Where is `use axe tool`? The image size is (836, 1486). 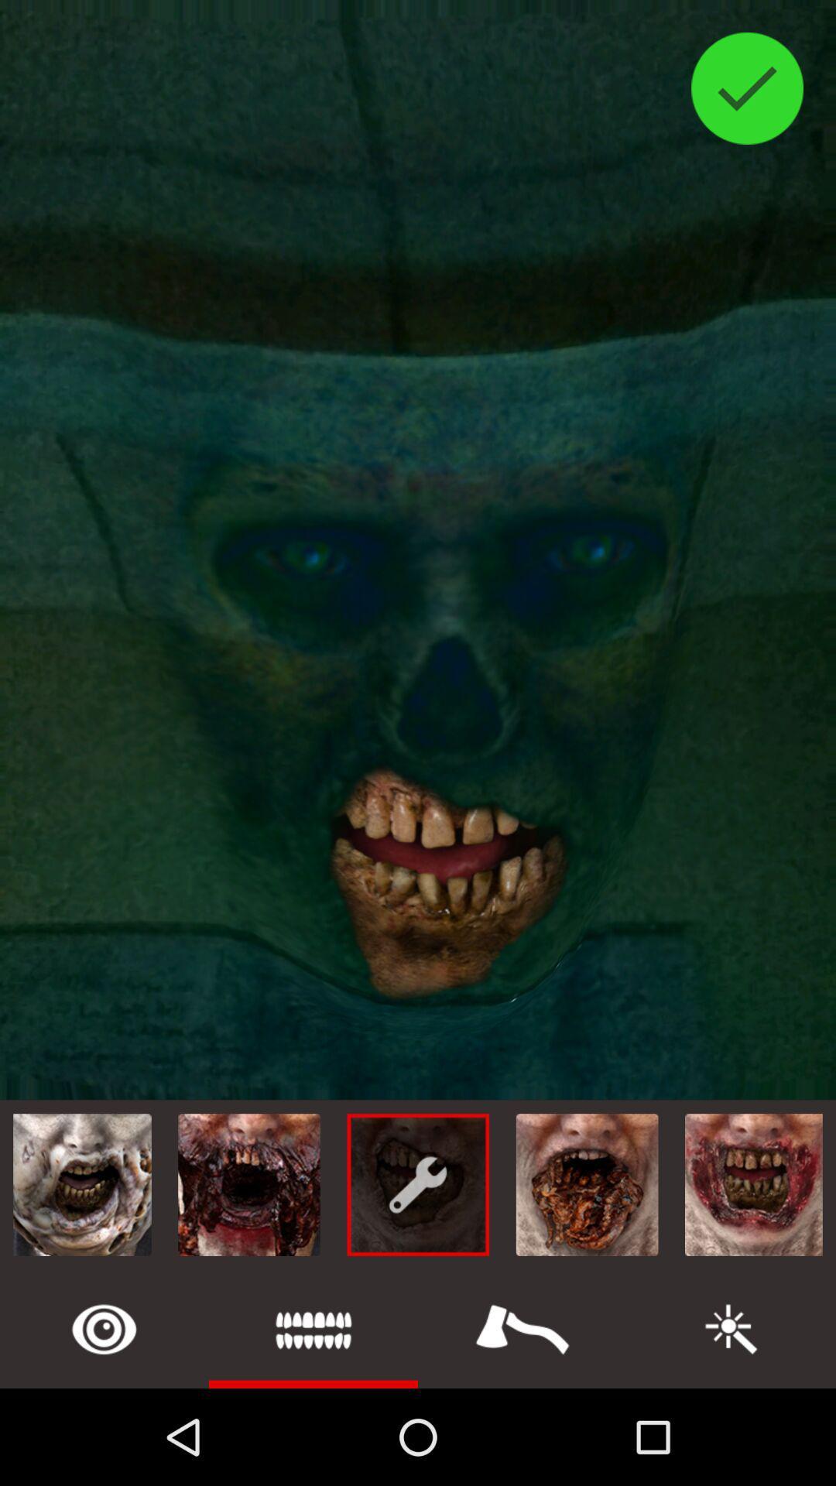
use axe tool is located at coordinates (522, 1328).